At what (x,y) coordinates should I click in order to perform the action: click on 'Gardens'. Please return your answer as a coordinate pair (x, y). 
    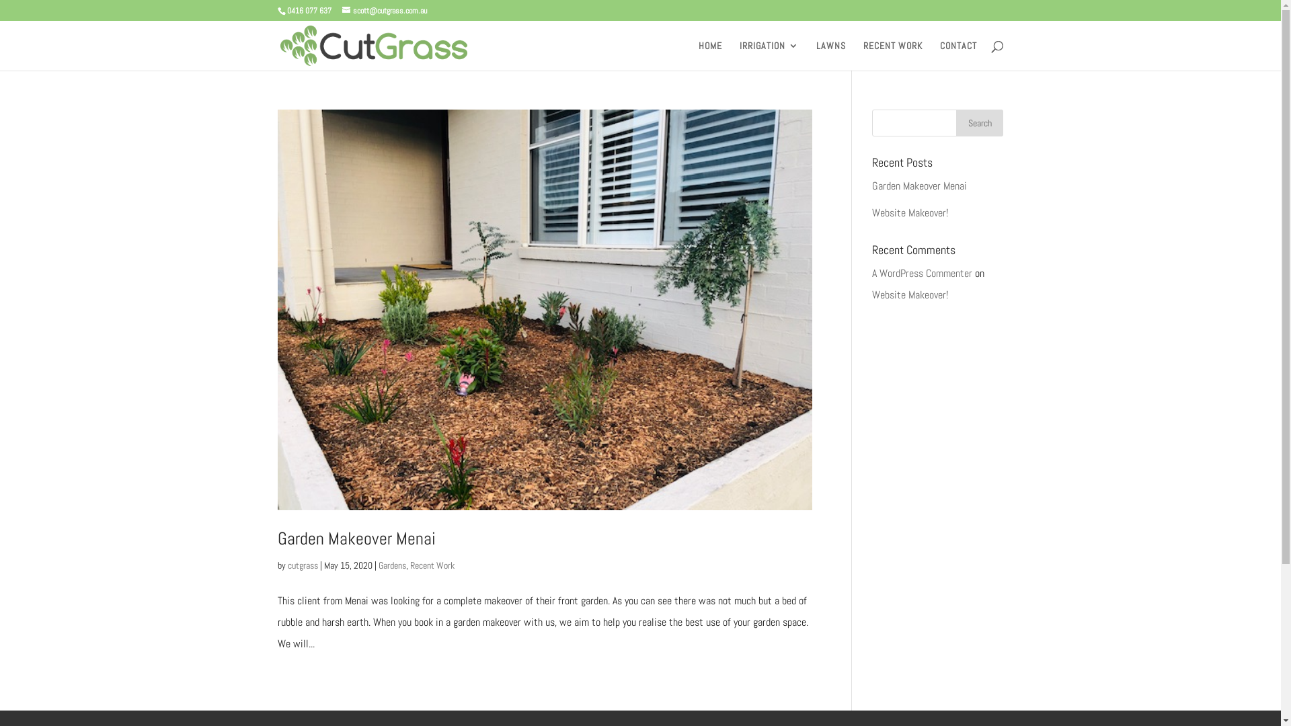
    Looking at the image, I should click on (391, 565).